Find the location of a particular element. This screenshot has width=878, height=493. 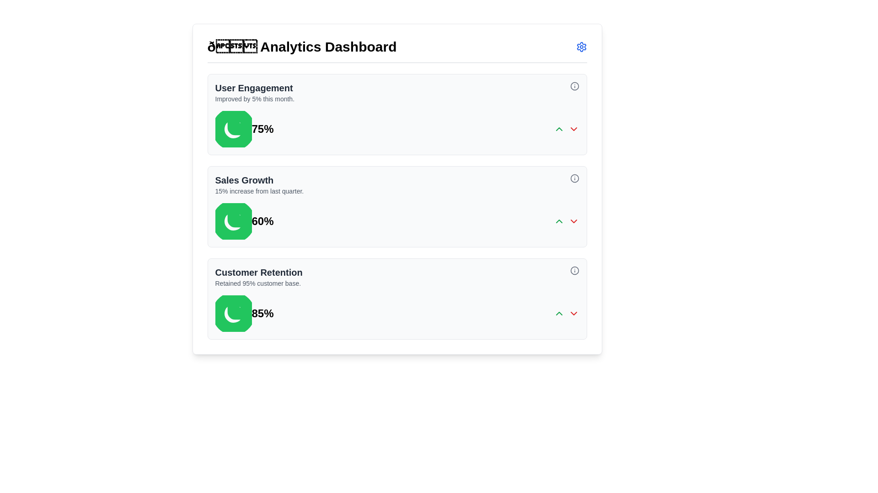

percentage value displayed in the text label located near the bottom section of the third card, to the right of the green octagonal icon with a crescent is located at coordinates (262, 313).